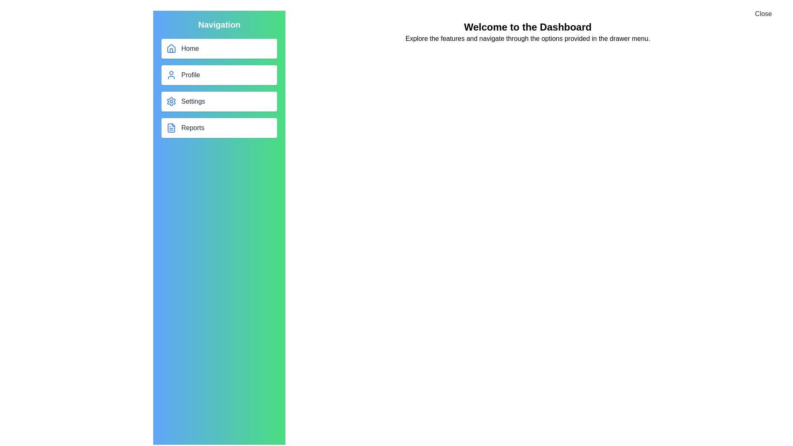 This screenshot has width=793, height=446. I want to click on 'Close' button to close the drawer, so click(763, 14).